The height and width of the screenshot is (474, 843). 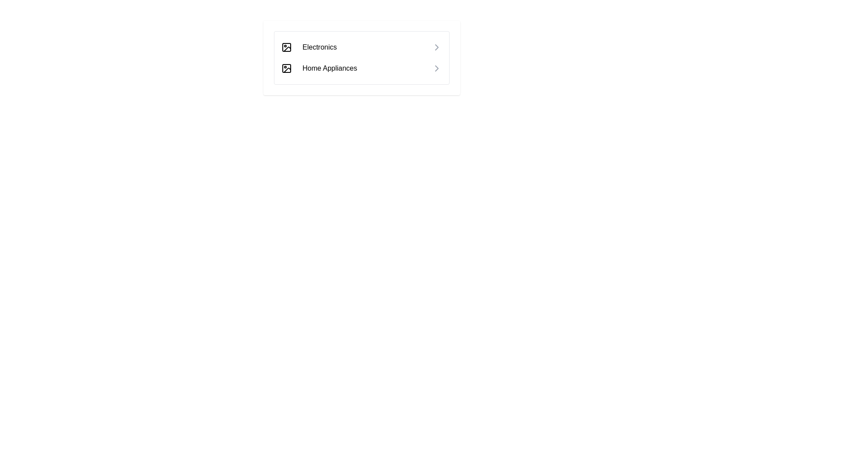 I want to click on the navigation icon for 'Home Appliances' located at the far right side of the row, so click(x=436, y=68).